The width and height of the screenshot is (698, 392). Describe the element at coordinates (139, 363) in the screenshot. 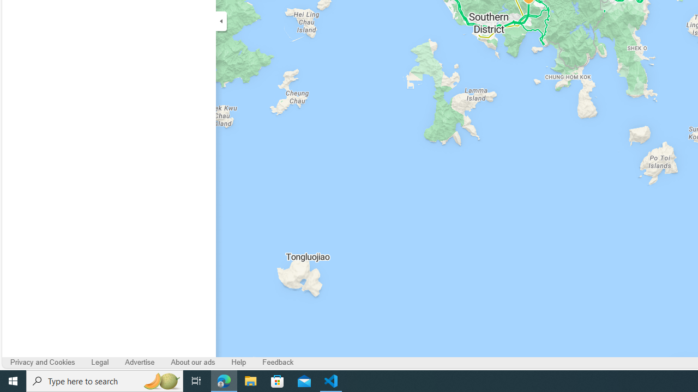

I see `'Advertise'` at that location.